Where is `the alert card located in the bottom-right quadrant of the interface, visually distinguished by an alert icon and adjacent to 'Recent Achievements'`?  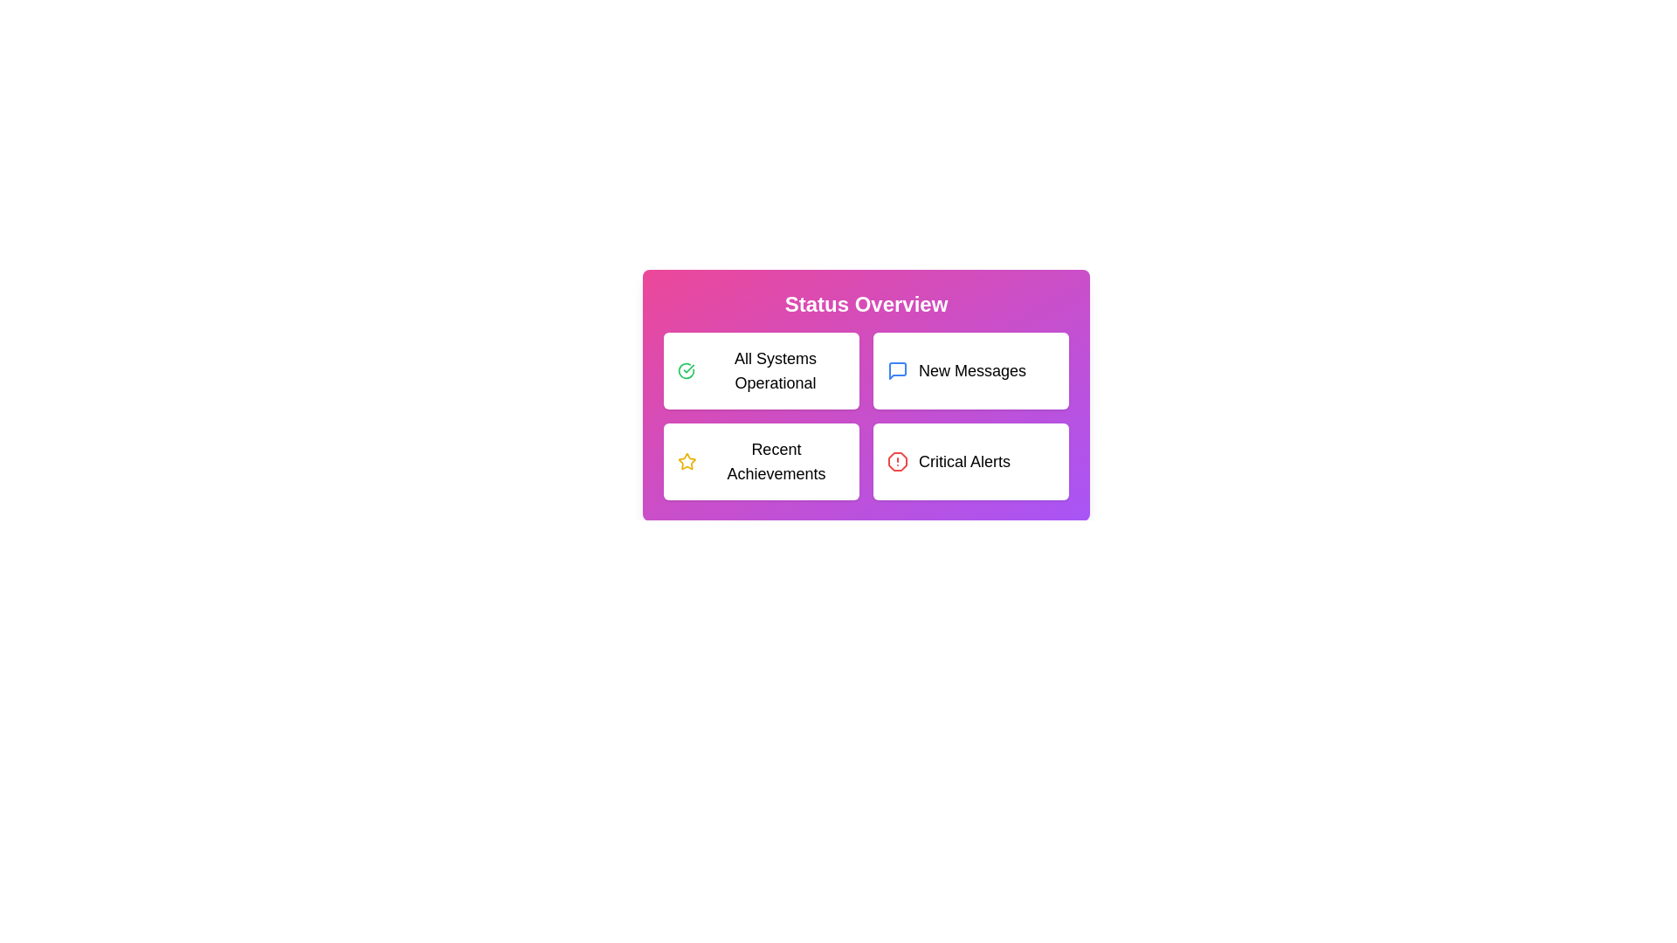 the alert card located in the bottom-right quadrant of the interface, visually distinguished by an alert icon and adjacent to 'Recent Achievements' is located at coordinates (970, 460).